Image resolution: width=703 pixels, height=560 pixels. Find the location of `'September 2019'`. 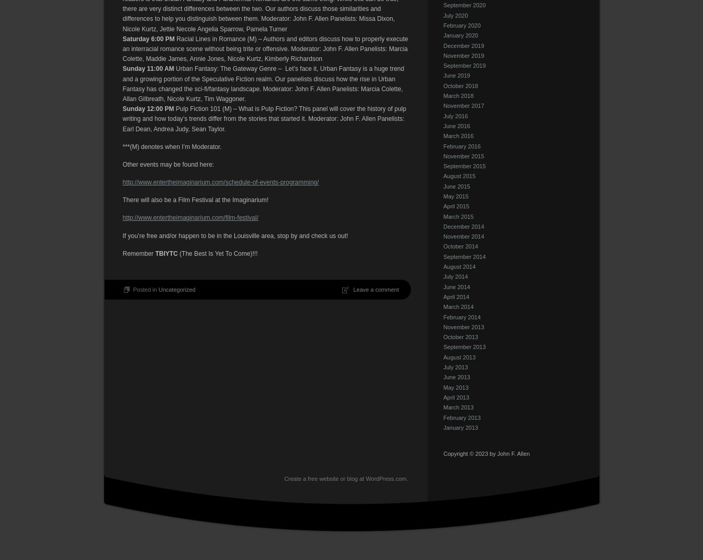

'September 2019' is located at coordinates (443, 65).